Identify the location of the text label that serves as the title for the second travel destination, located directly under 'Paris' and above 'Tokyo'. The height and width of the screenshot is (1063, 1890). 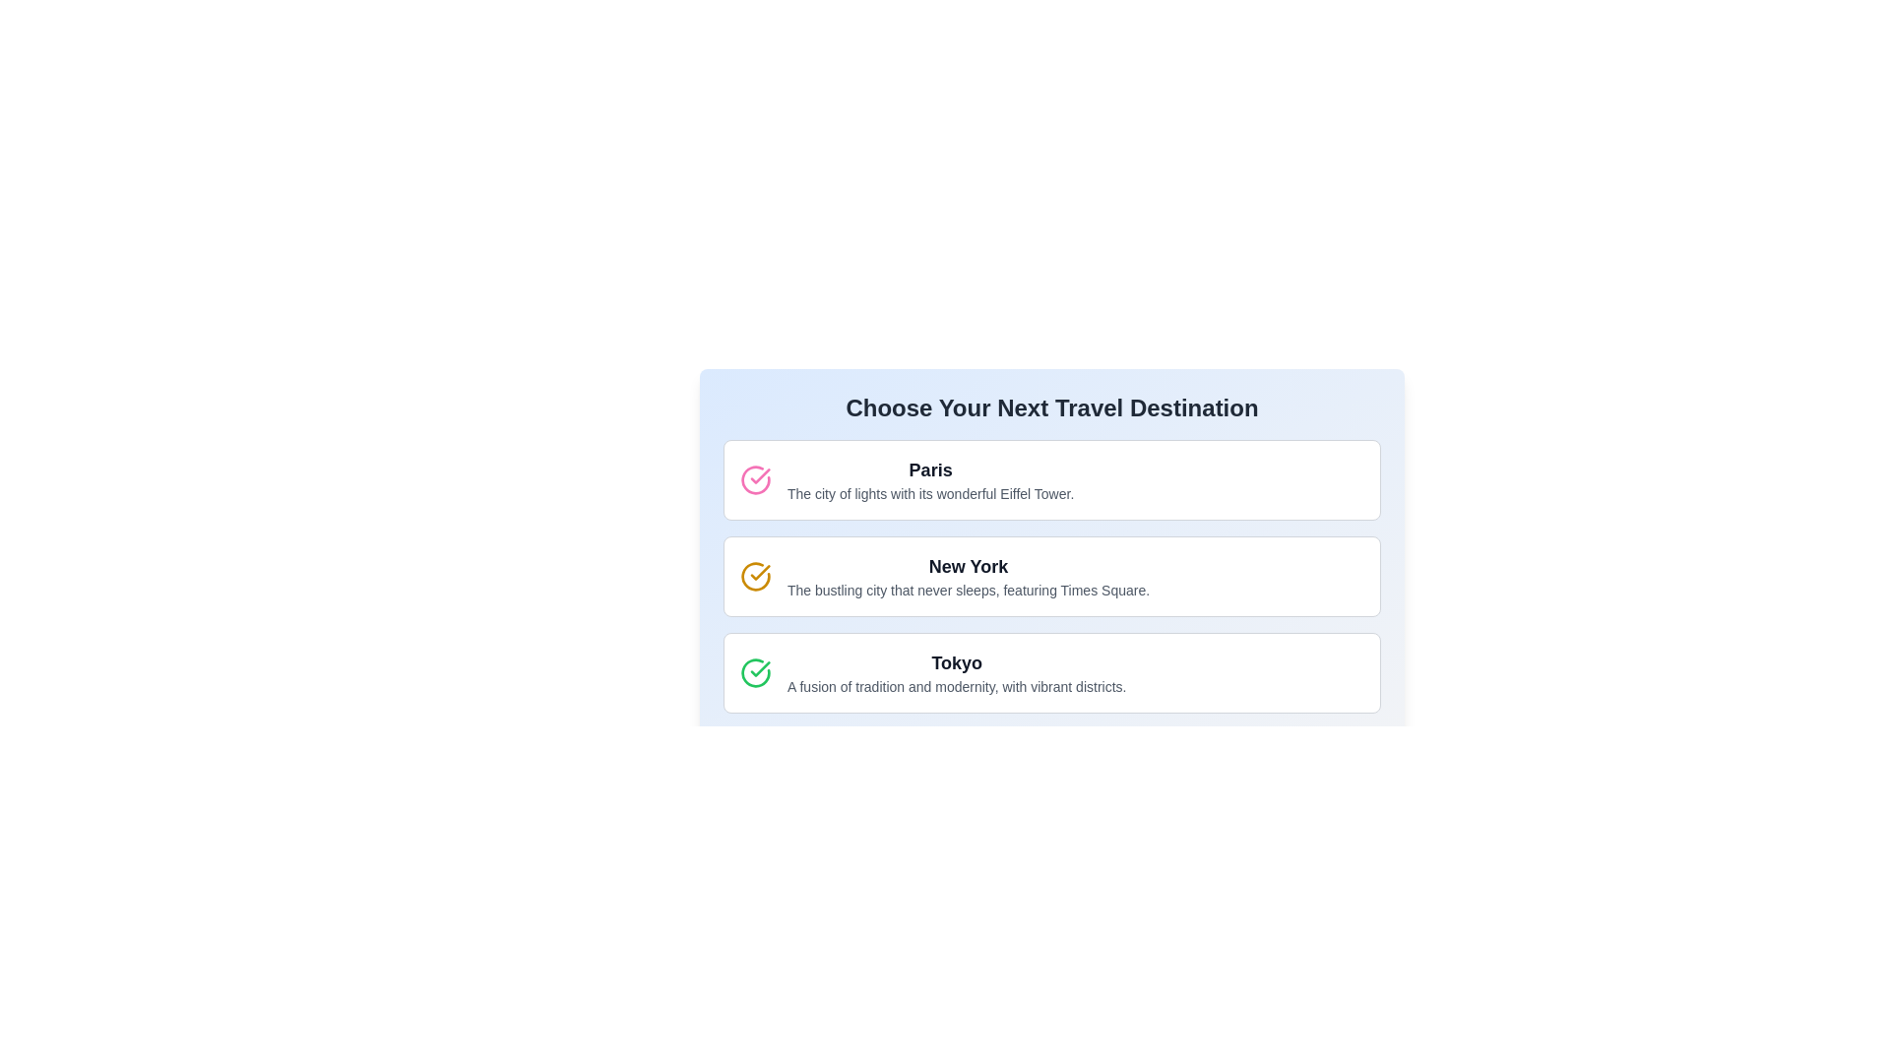
(968, 566).